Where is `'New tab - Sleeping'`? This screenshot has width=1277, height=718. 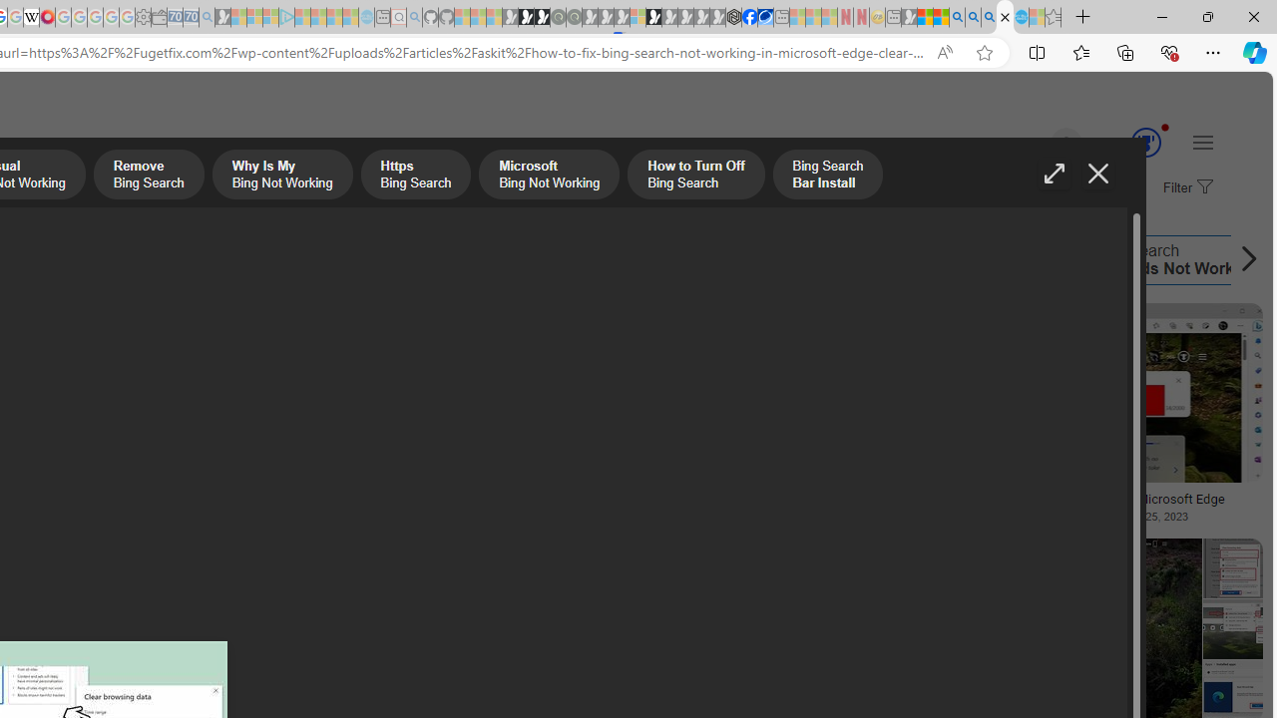
'New tab - Sleeping' is located at coordinates (892, 17).